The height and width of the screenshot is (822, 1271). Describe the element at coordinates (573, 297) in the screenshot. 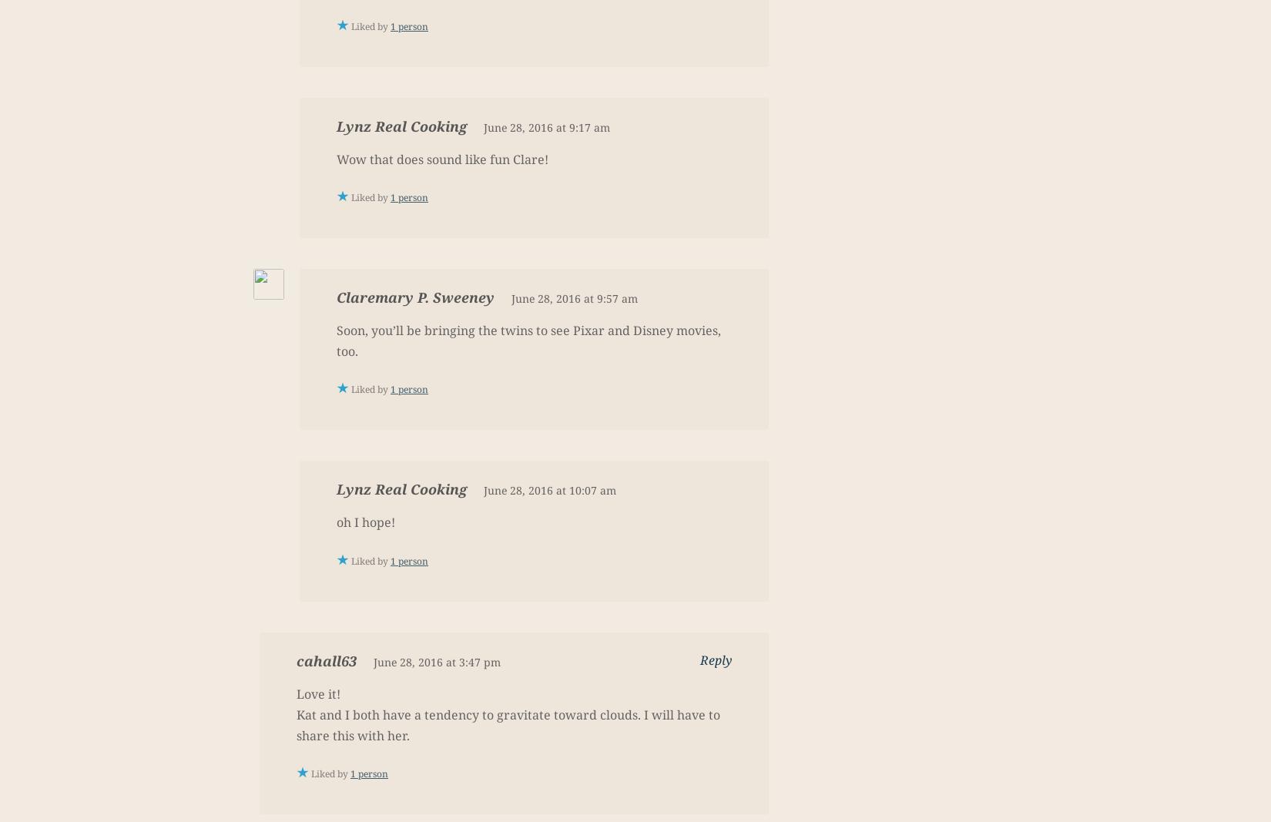

I see `'June 28, 2016 at 9:57 am'` at that location.